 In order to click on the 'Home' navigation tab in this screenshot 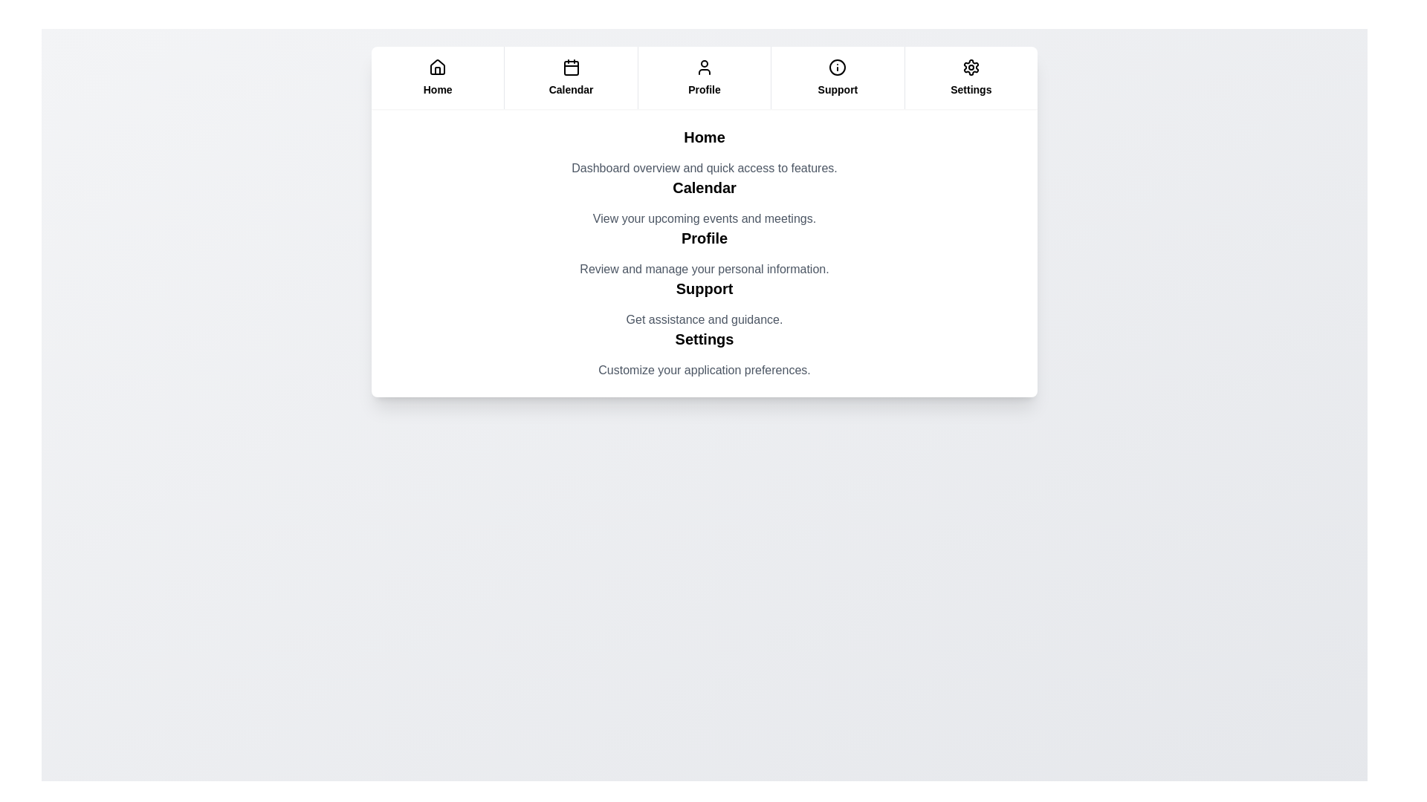, I will do `click(437, 77)`.